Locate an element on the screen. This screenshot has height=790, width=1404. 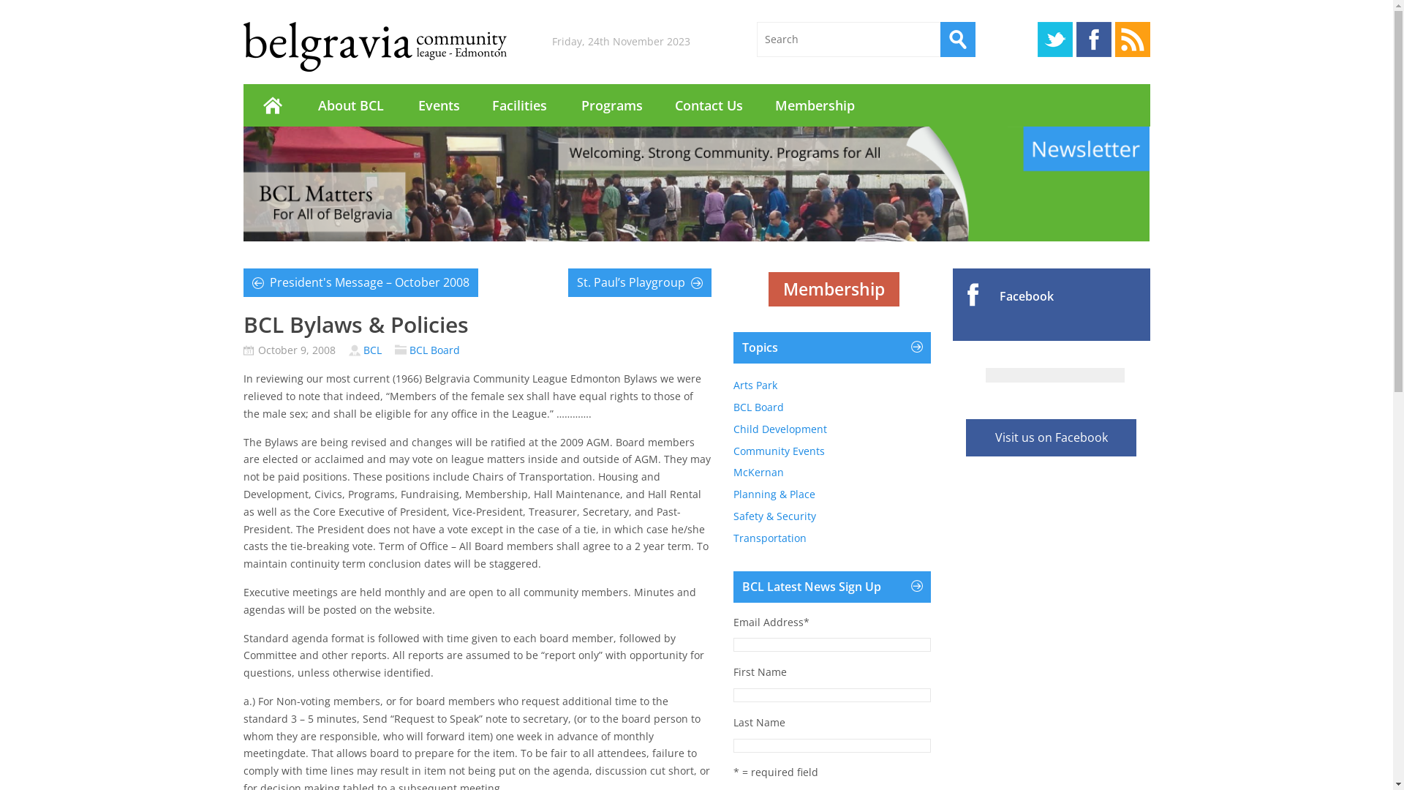
'RSS' is located at coordinates (1131, 39).